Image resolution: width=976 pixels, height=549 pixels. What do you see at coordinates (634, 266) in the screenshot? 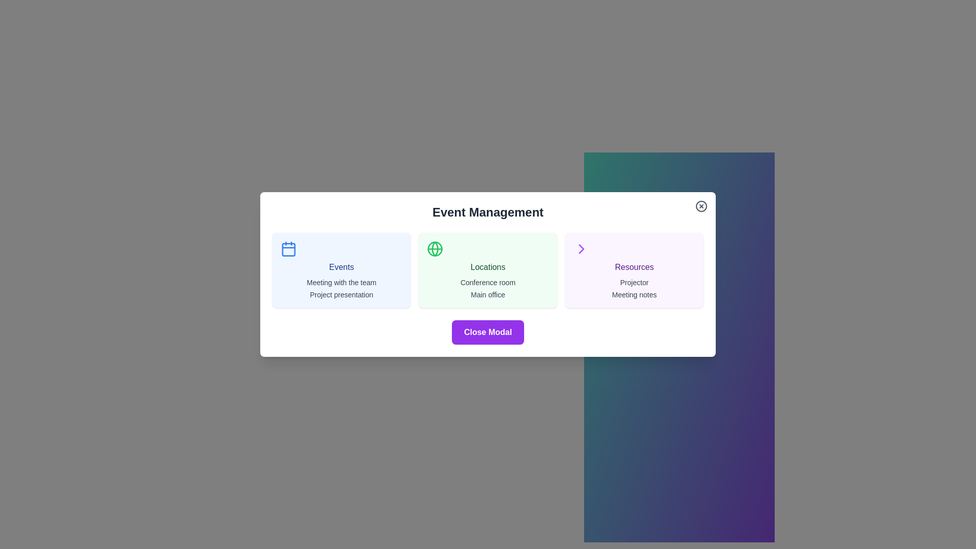
I see `the 'Resources' text label, which serves as a title for the section indicating content related to 'Projector' and 'Meeting notes' in the rightmost card of a three-card layout` at bounding box center [634, 266].